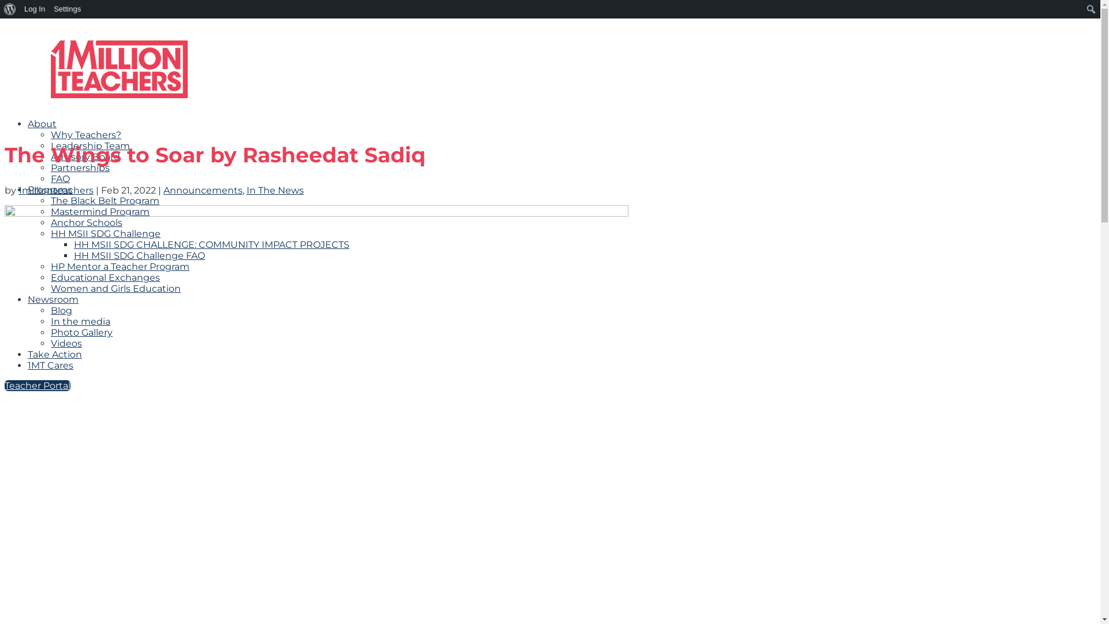  I want to click on 'In The News', so click(274, 190).